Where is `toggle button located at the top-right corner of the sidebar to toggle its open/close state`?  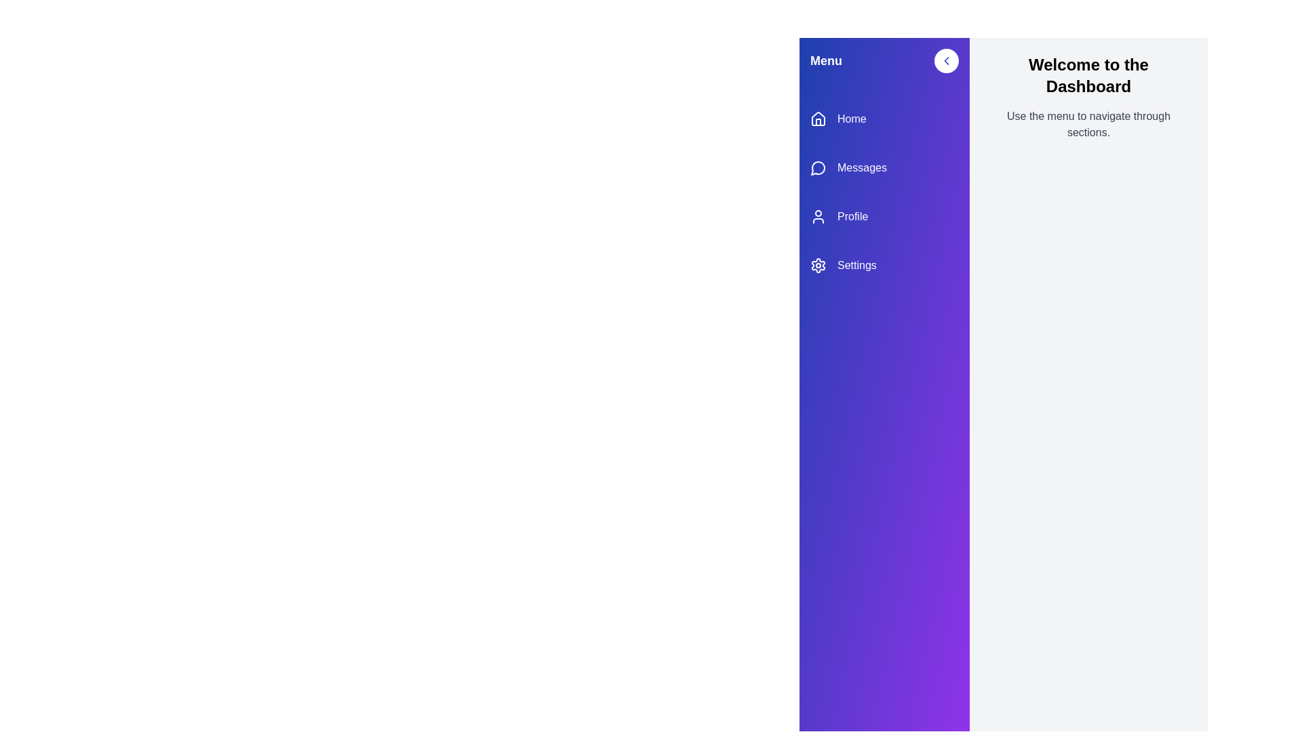
toggle button located at the top-right corner of the sidebar to toggle its open/close state is located at coordinates (946, 60).